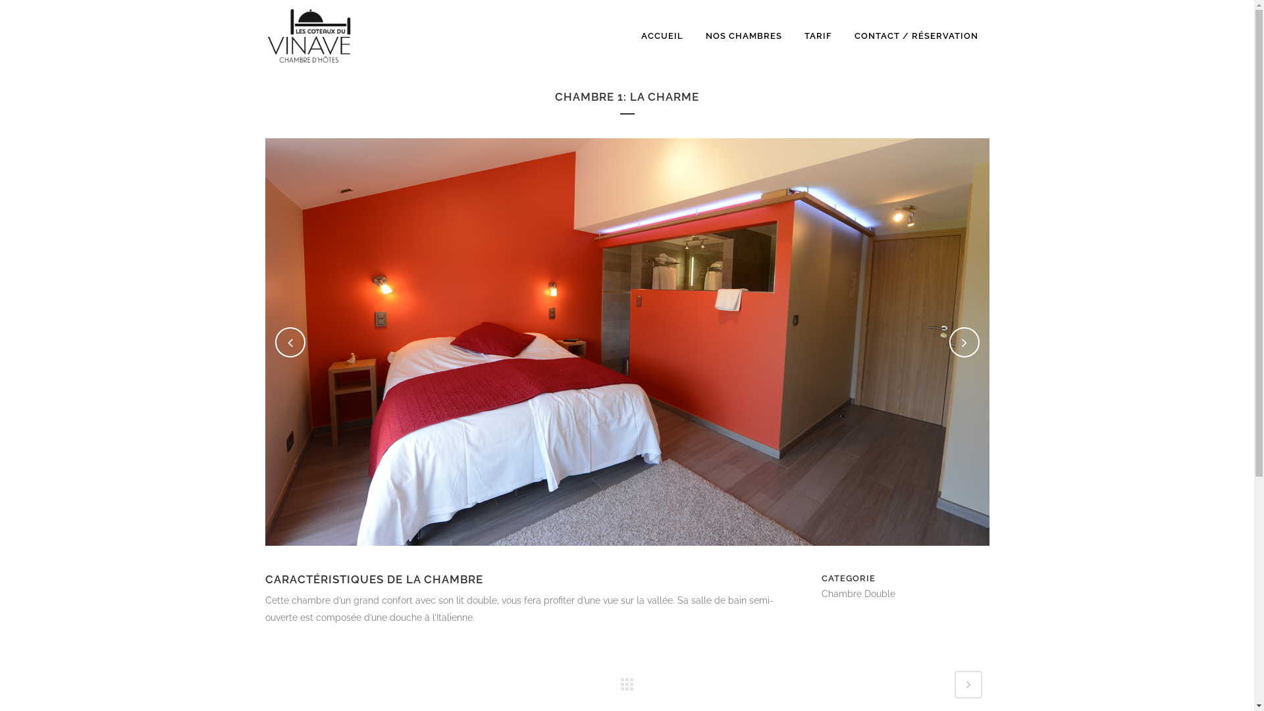  What do you see at coordinates (743, 35) in the screenshot?
I see `'NOS CHAMBRES'` at bounding box center [743, 35].